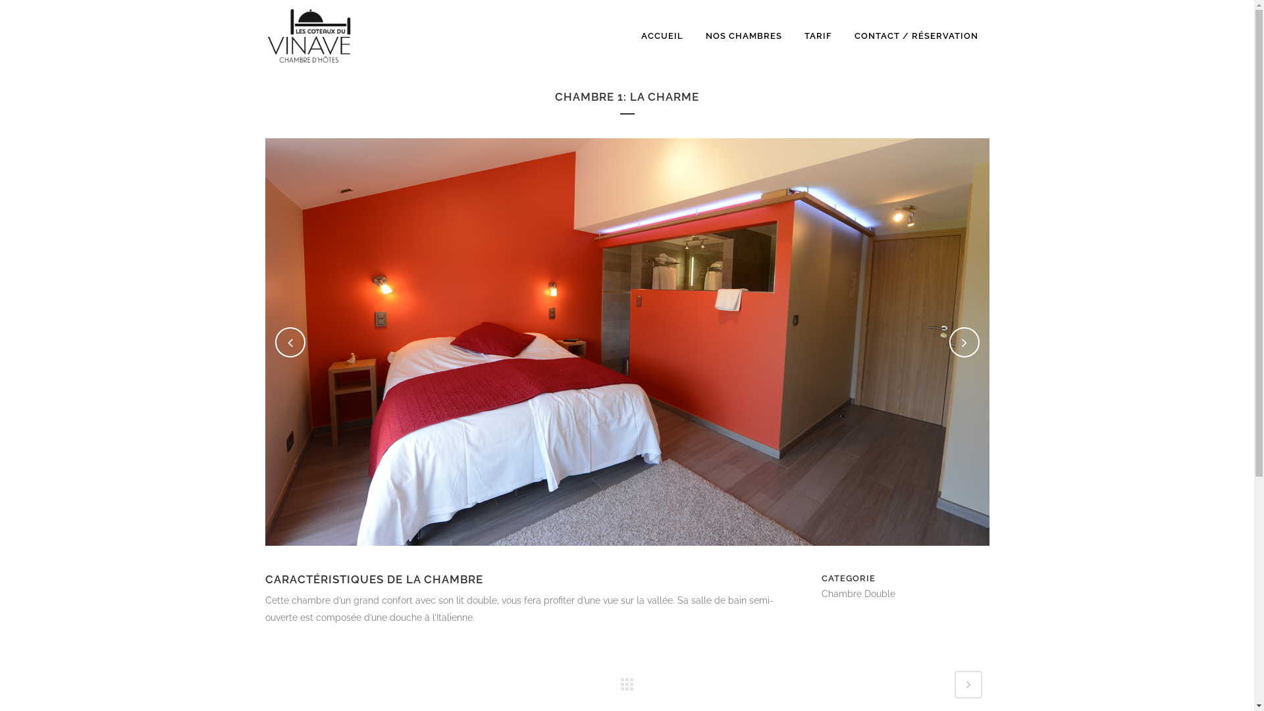  What do you see at coordinates (743, 35) in the screenshot?
I see `'NOS CHAMBRES'` at bounding box center [743, 35].